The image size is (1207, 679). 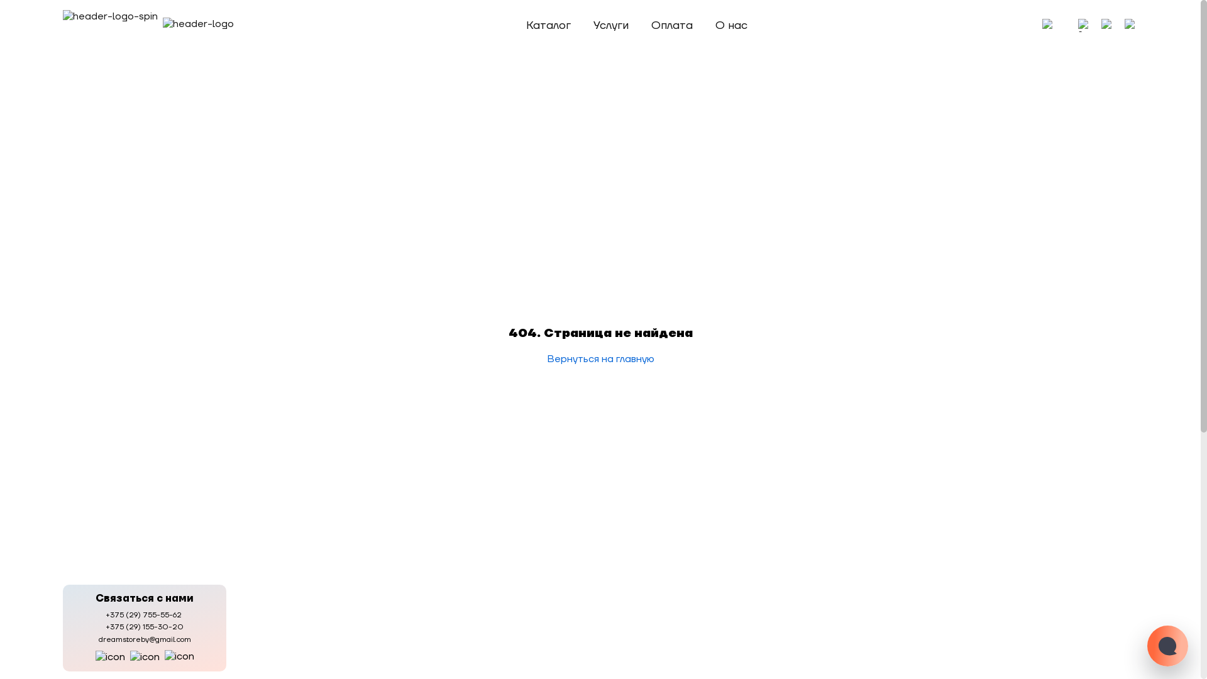 I want to click on 'dreamstoreby@gmail.com', so click(x=144, y=639).